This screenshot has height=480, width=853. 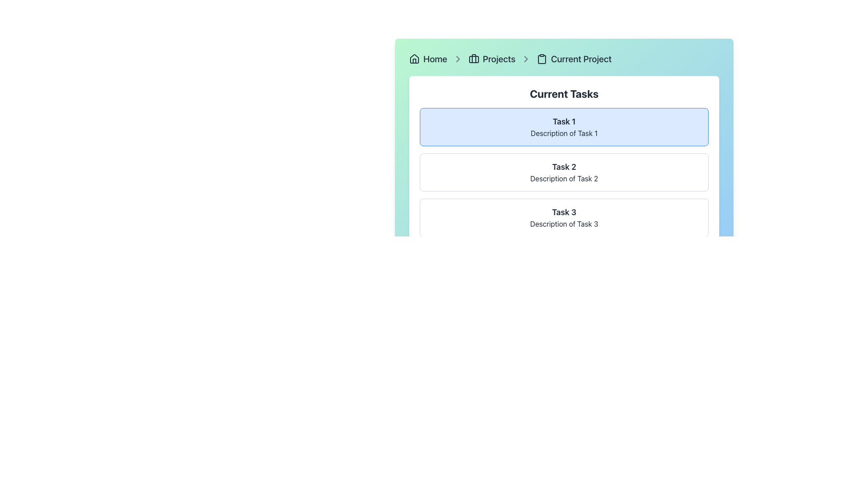 What do you see at coordinates (542, 59) in the screenshot?
I see `the clipboard icon located in the top navigation bar, which is adjacent to the 'Current Project' text link` at bounding box center [542, 59].